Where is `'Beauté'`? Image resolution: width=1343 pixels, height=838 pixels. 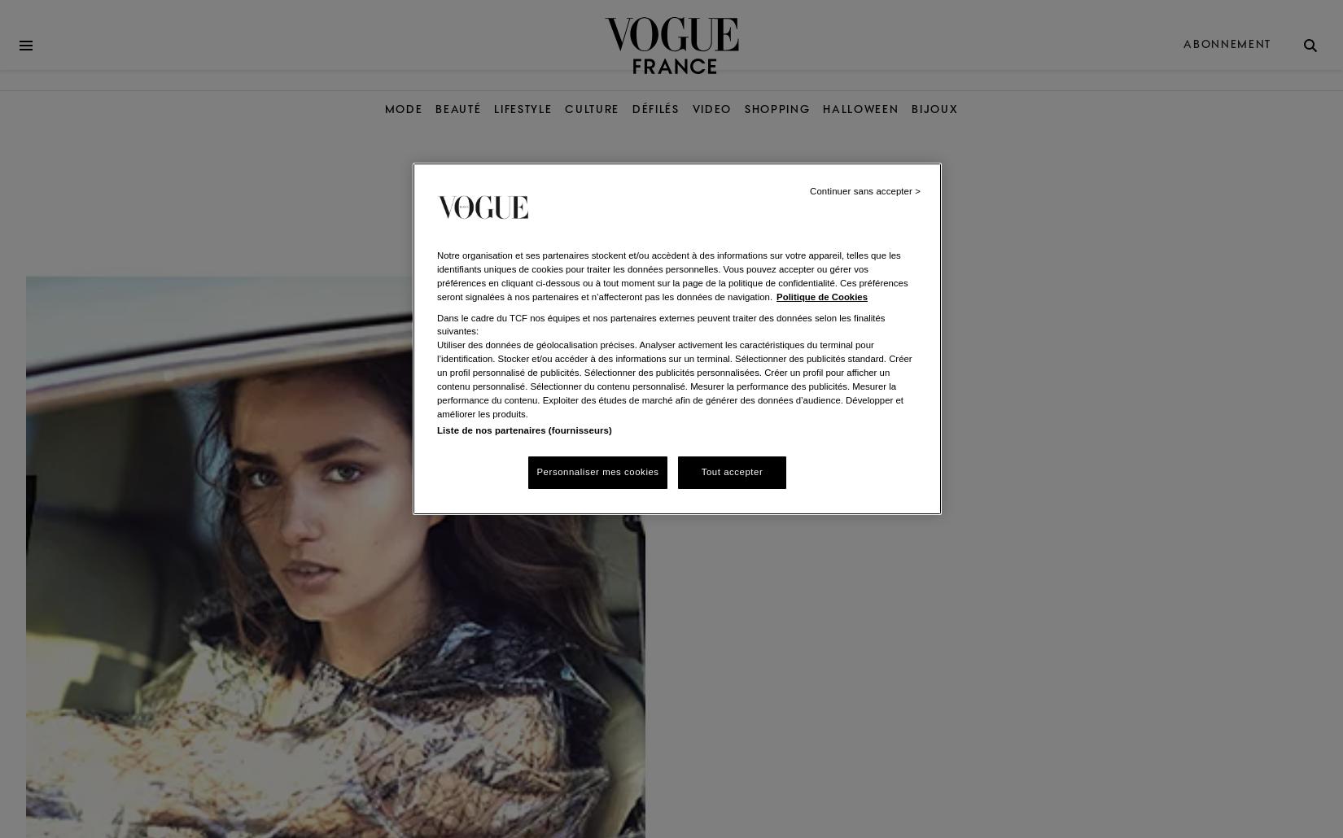 'Beauté' is located at coordinates (434, 108).